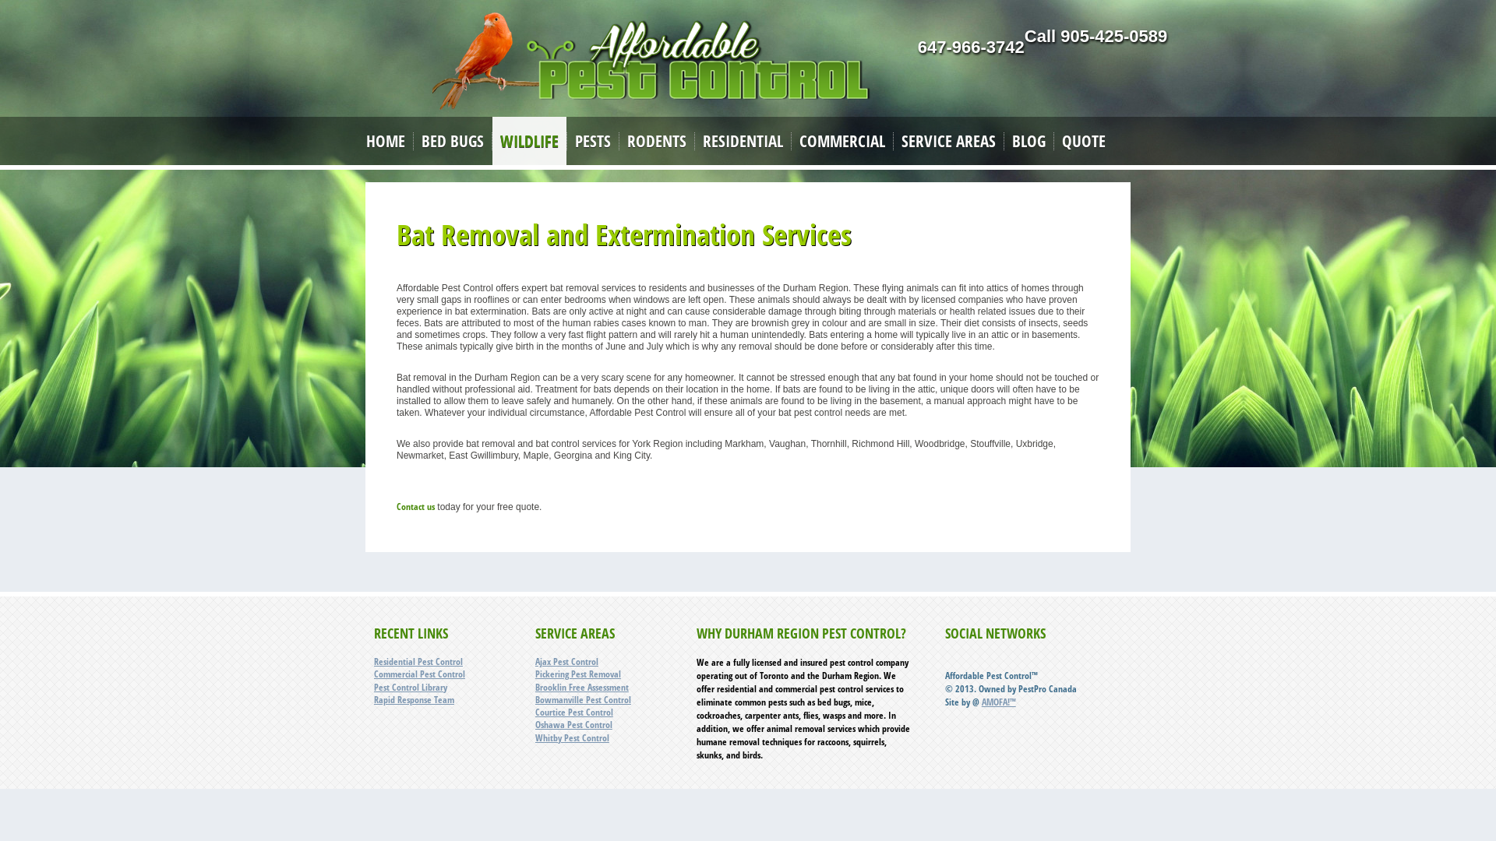 This screenshot has height=841, width=1496. I want to click on 'BED BUGS', so click(451, 141).